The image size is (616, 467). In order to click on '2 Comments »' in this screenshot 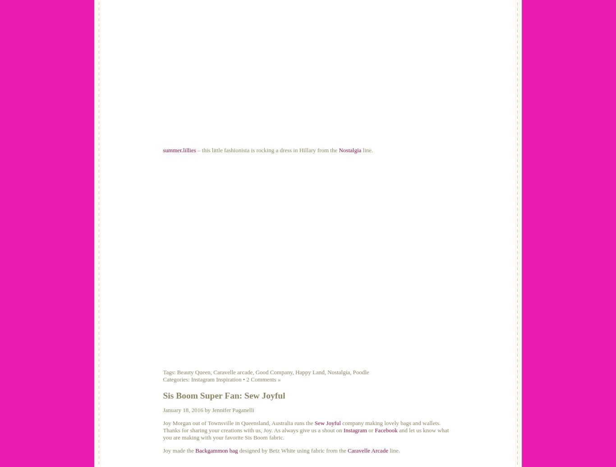, I will do `click(262, 379)`.